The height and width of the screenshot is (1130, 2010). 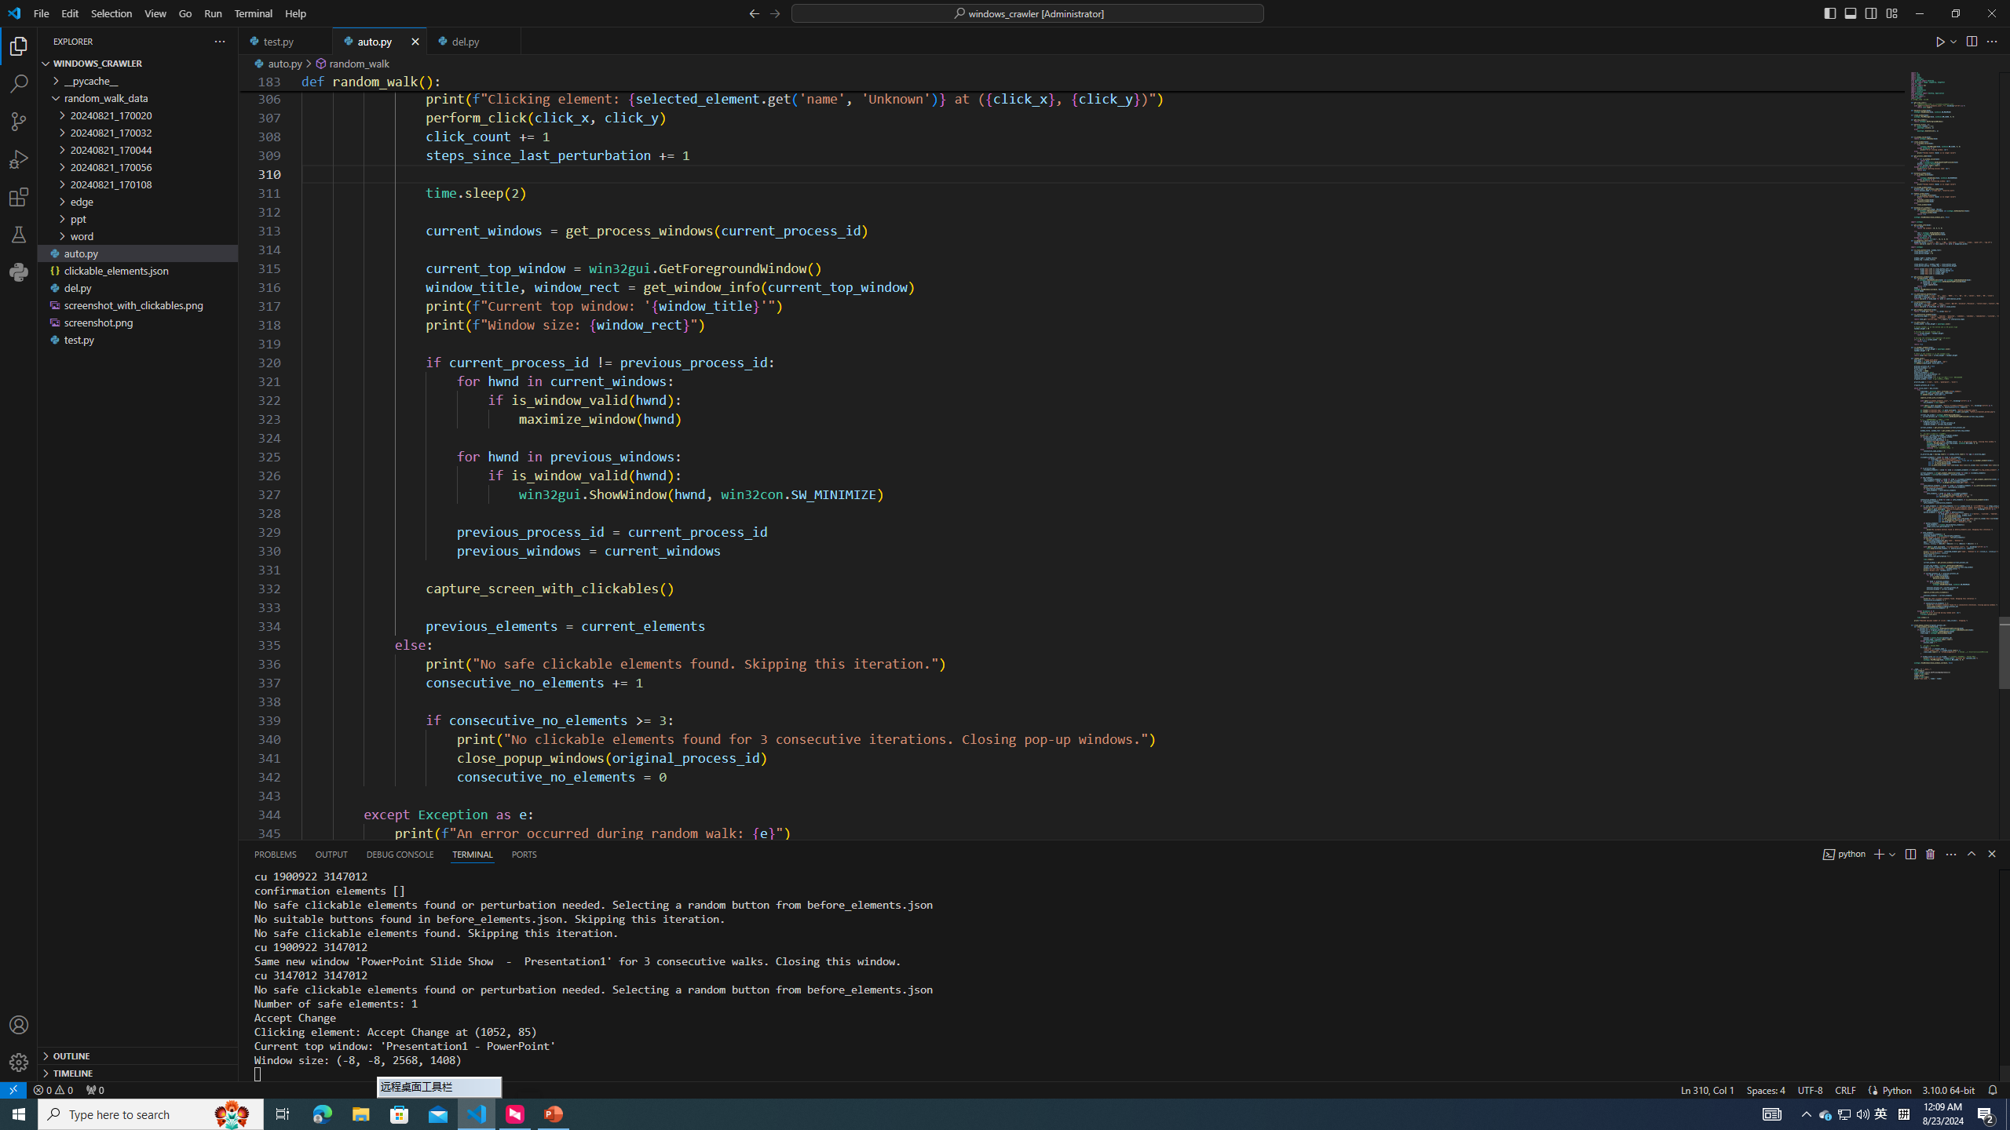 I want to click on 'auto.py', so click(x=378, y=40).